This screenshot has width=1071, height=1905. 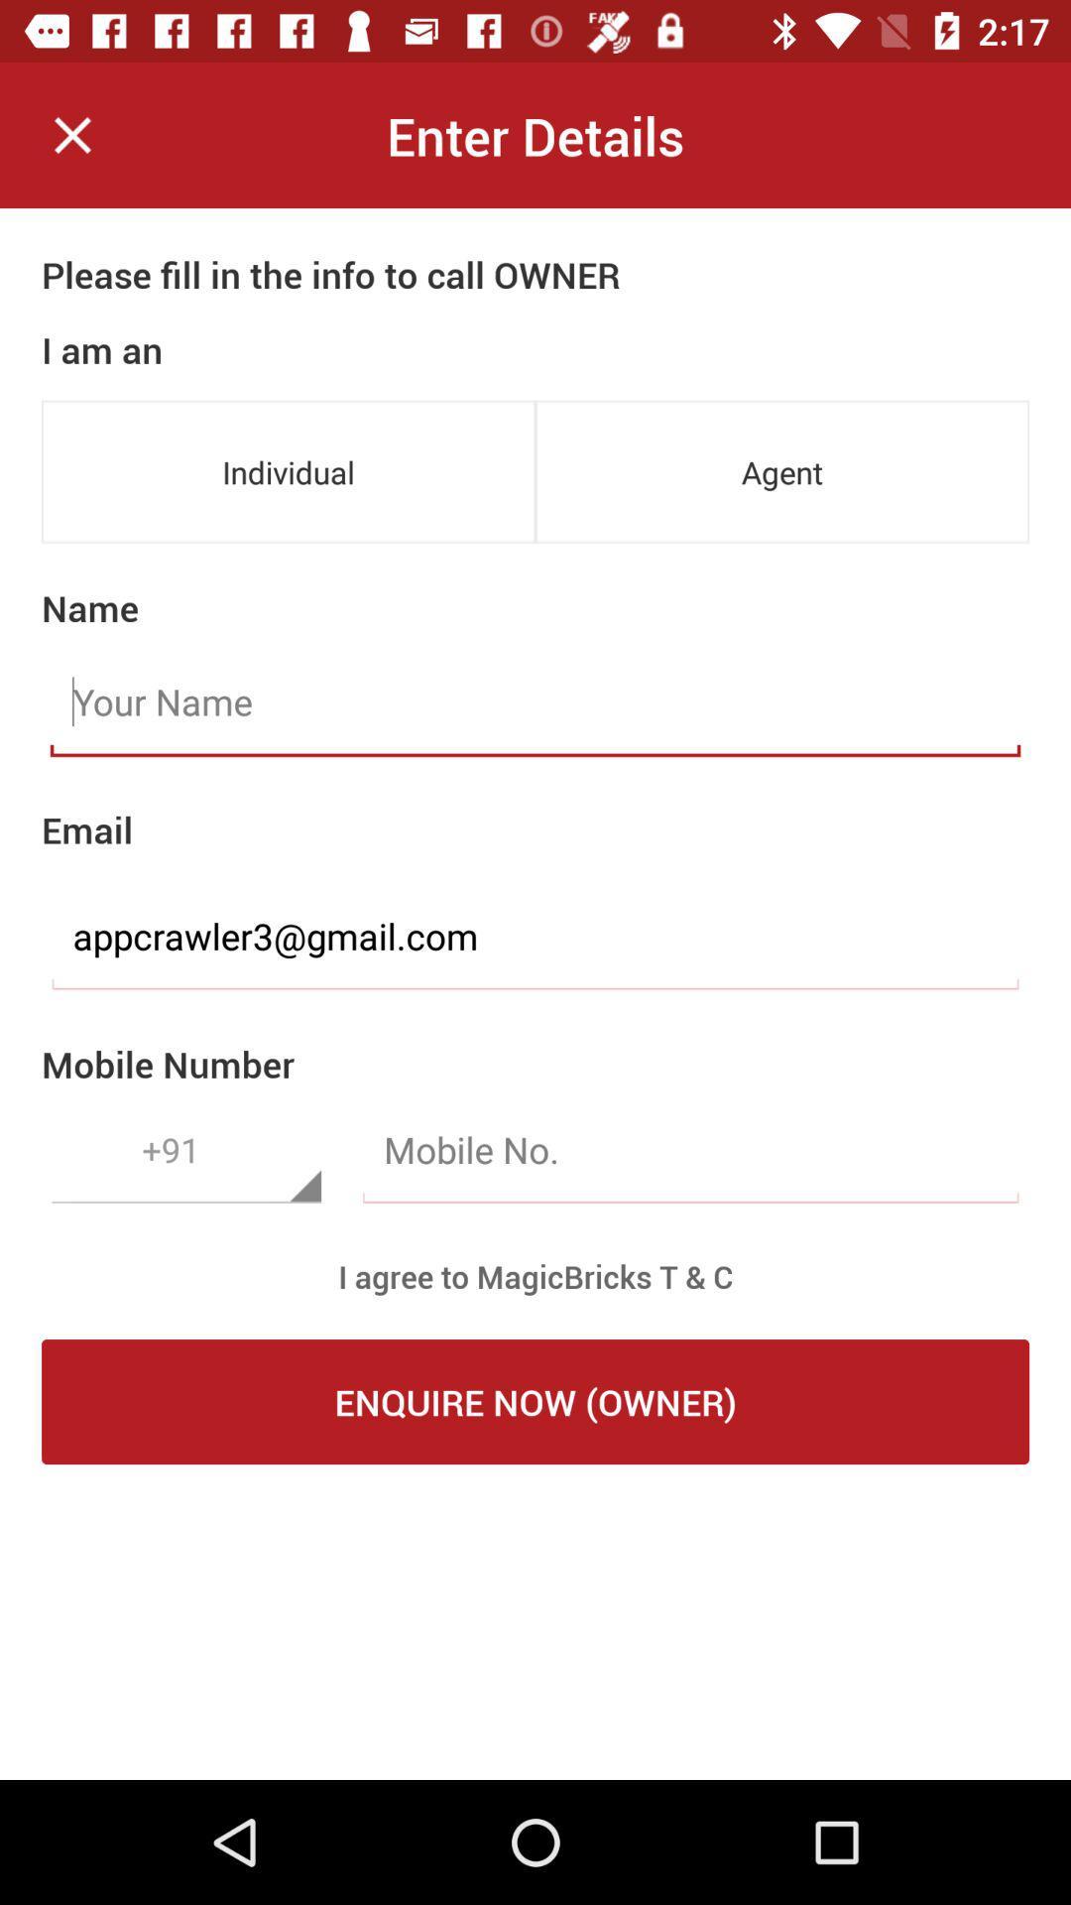 What do you see at coordinates (71, 134) in the screenshot?
I see `form` at bounding box center [71, 134].